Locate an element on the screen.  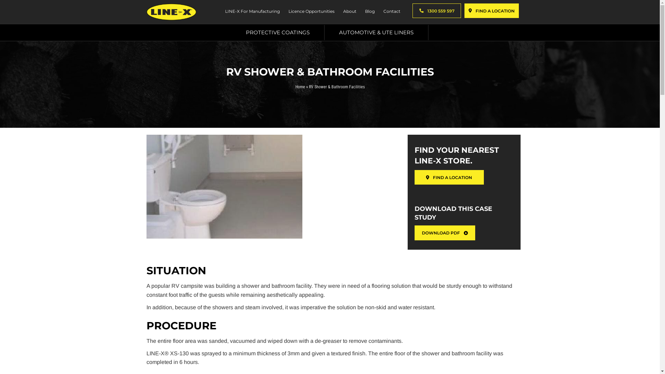
'AUTOMOTIVE & UTE LINERS' is located at coordinates (324, 32).